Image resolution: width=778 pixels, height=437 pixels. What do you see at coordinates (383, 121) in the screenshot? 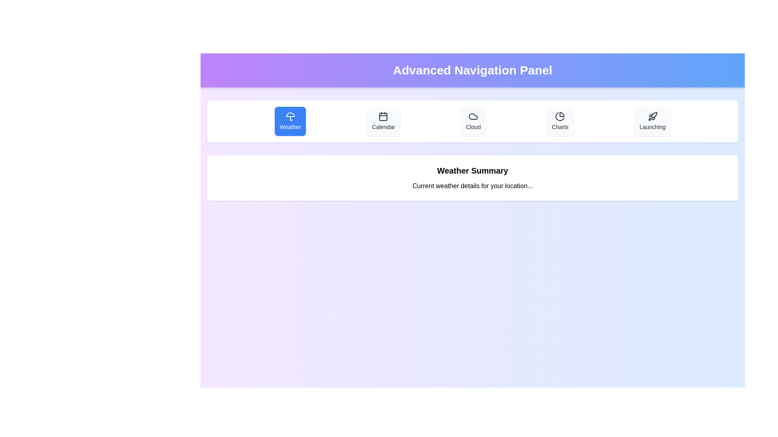
I see `the 'Calendar' button, which is the second button in a row of five, featuring a light gray background, rounded corners, and a calendar icon above the text 'Calendar'` at bounding box center [383, 121].